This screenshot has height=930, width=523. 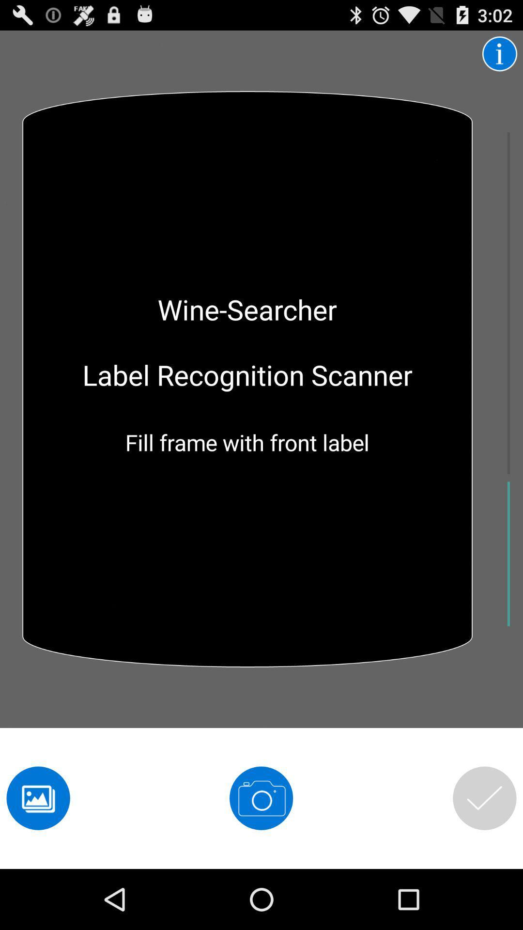 I want to click on the check icon, so click(x=484, y=854).